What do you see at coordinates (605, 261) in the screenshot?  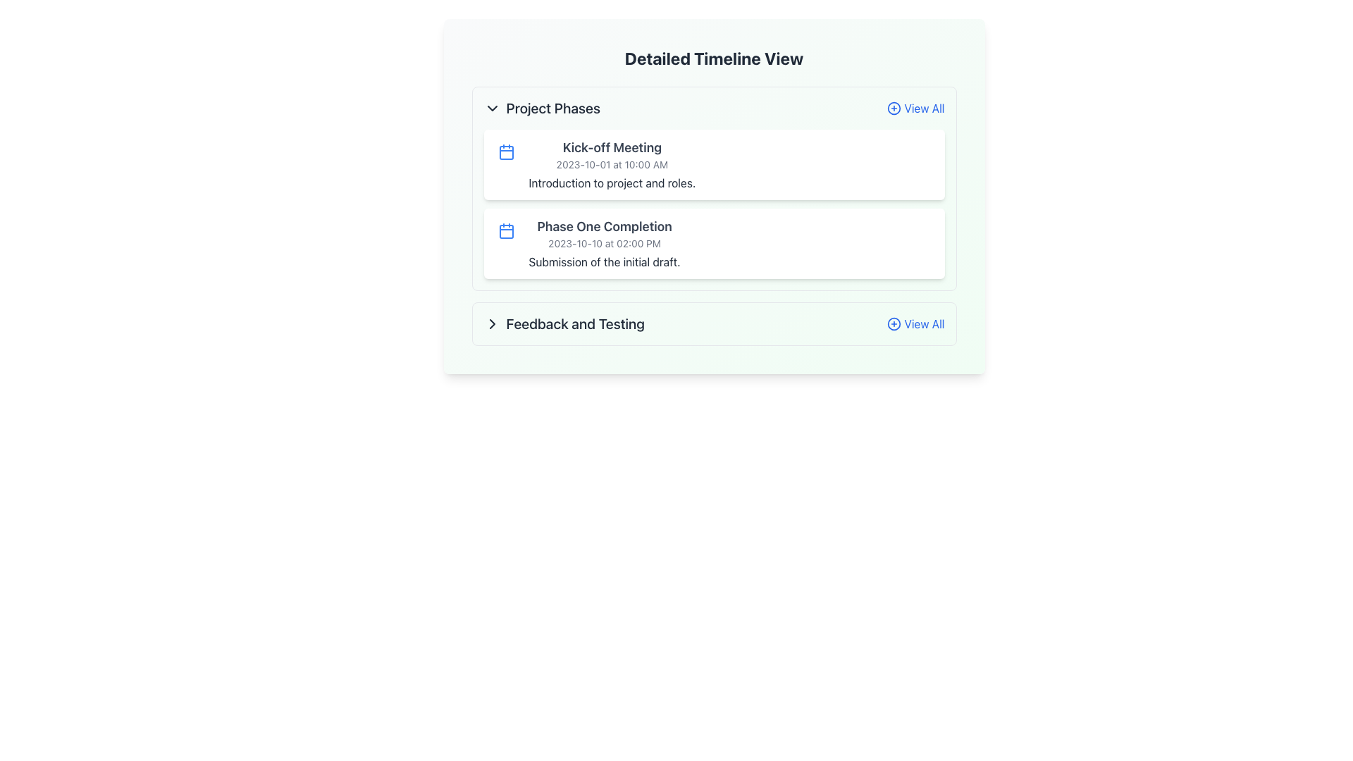 I see `text label that states 'Submission of the initial draft.' located within the 'Phase One Completion' card under the 'Project Phases' section` at bounding box center [605, 261].